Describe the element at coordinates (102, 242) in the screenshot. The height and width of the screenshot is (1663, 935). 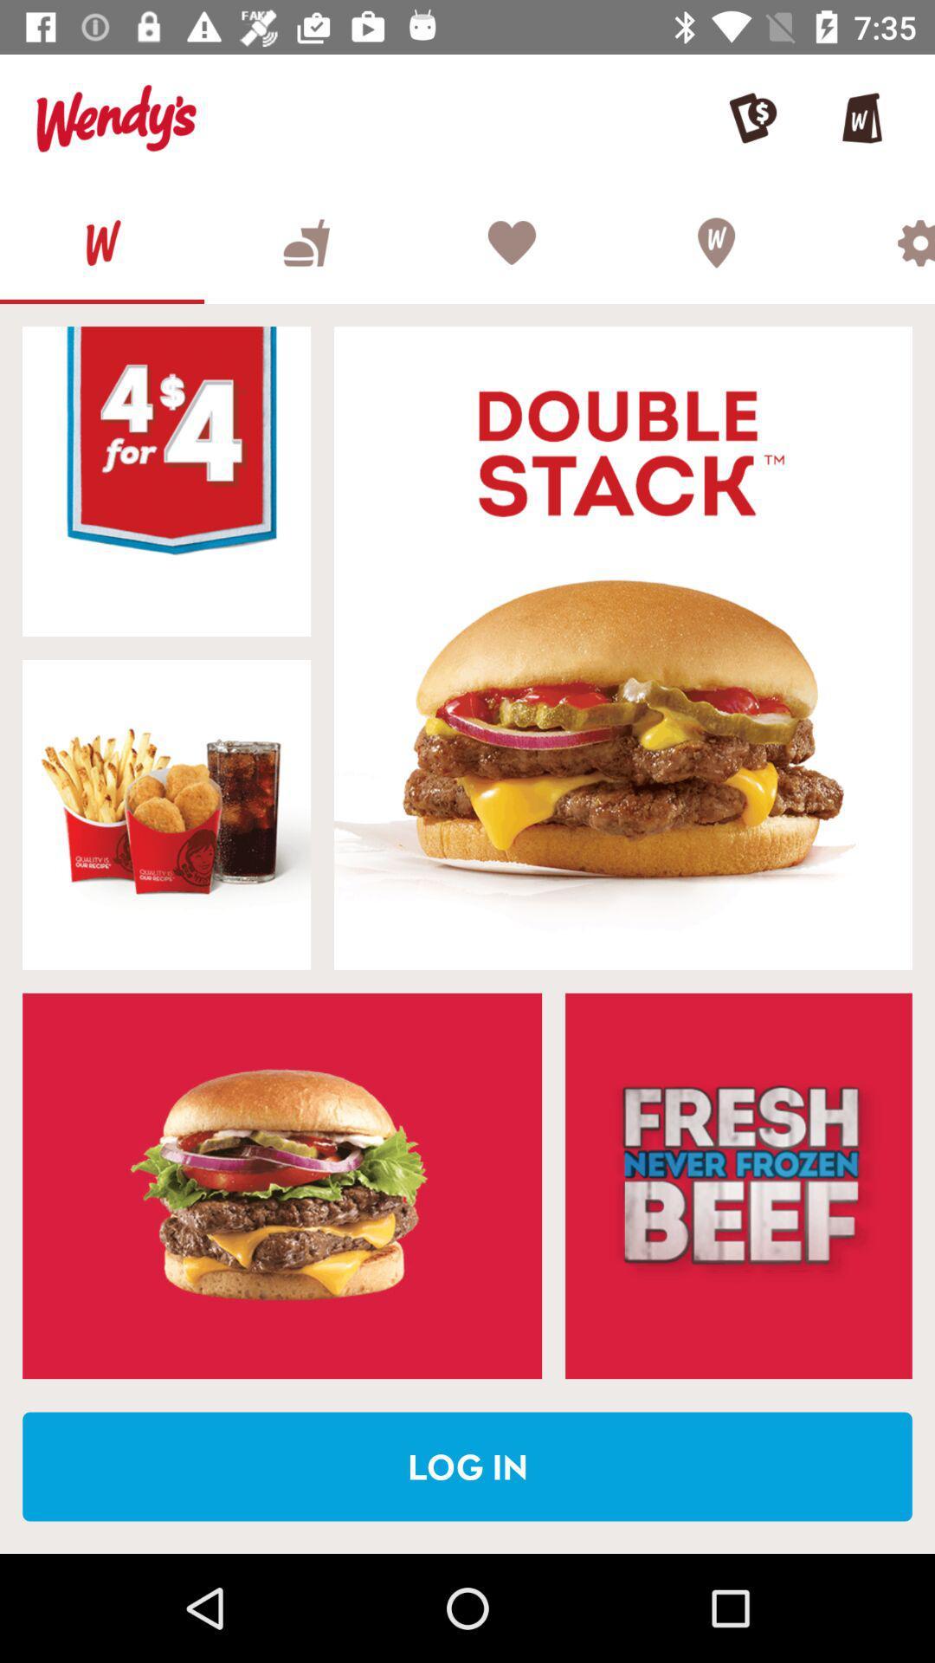
I see `wendys front page` at that location.